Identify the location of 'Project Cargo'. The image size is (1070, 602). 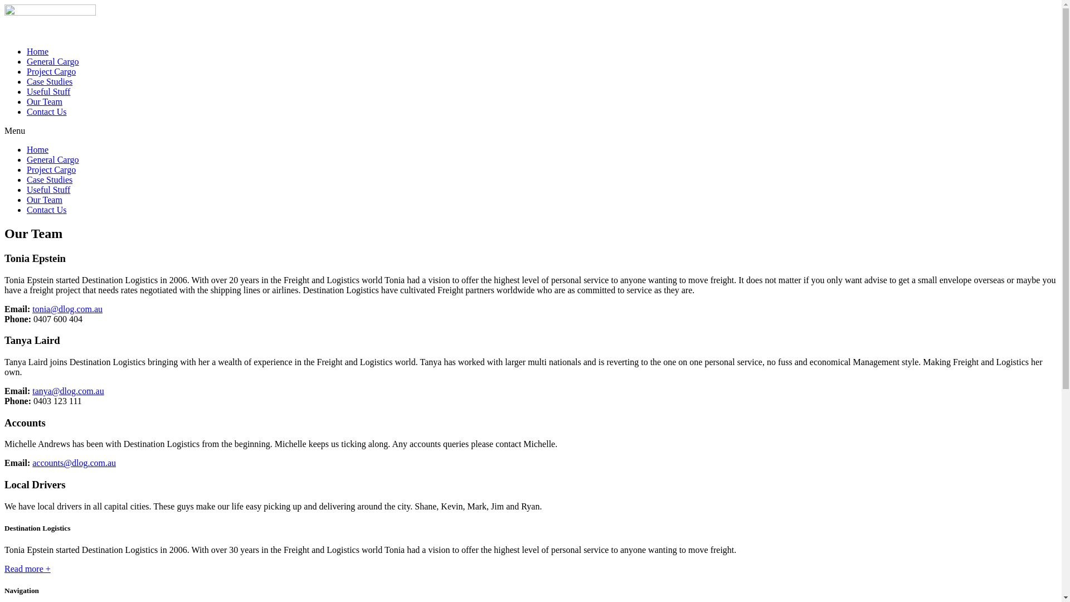
(50, 71).